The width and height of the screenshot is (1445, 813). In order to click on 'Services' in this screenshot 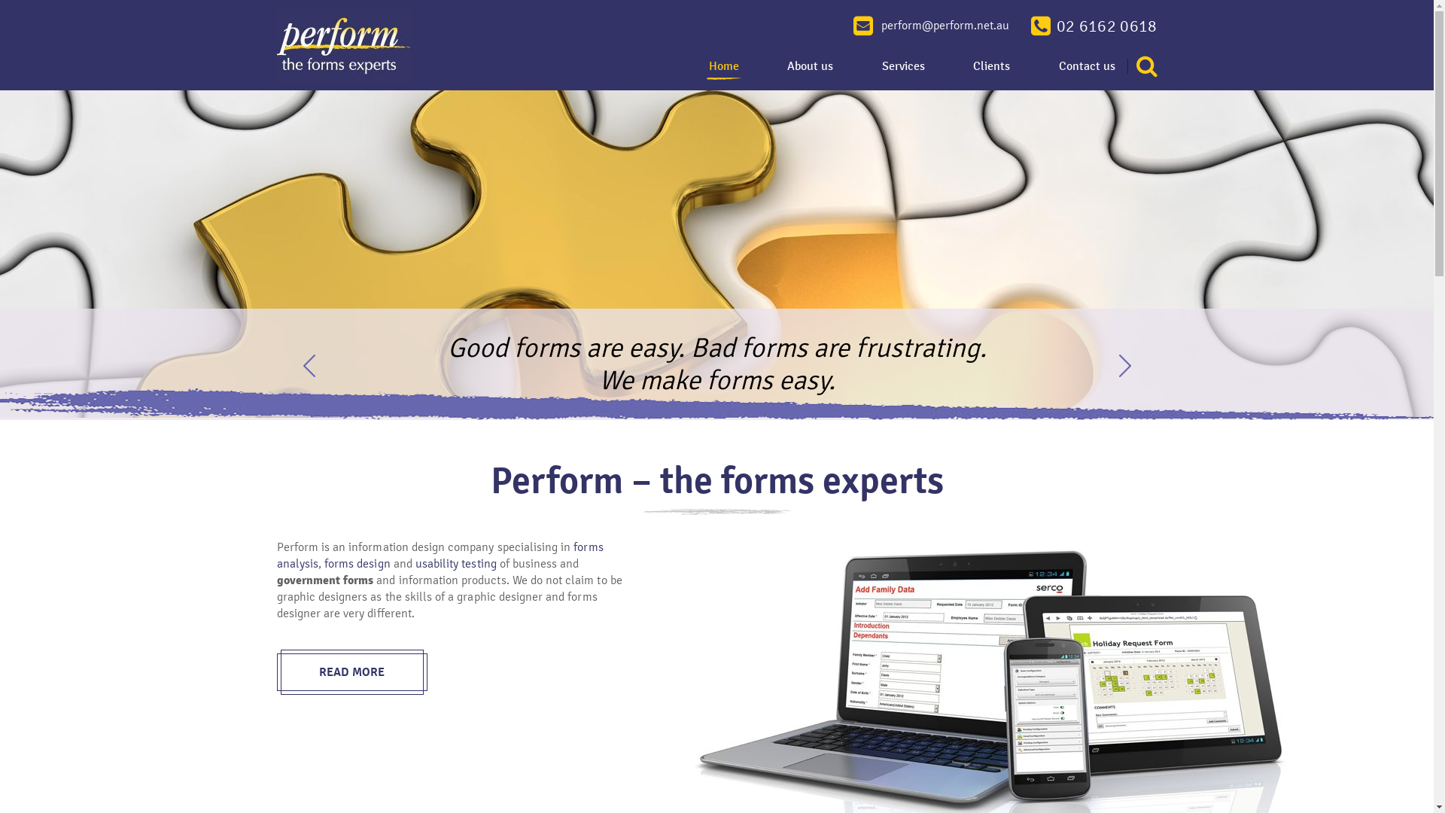, I will do `click(902, 72)`.